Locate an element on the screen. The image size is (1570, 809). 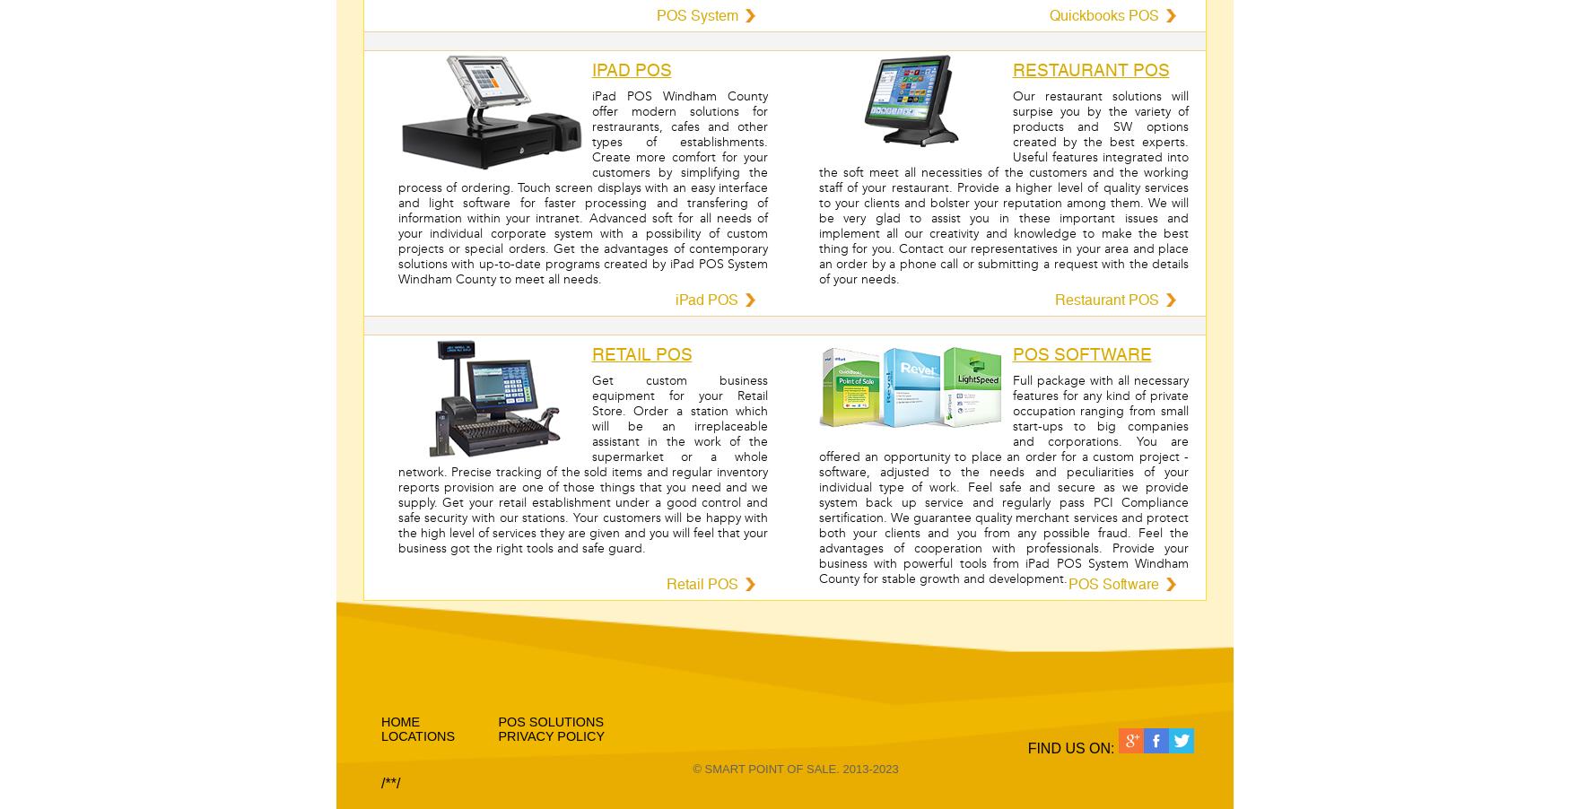
'Locations' is located at coordinates (418, 735).